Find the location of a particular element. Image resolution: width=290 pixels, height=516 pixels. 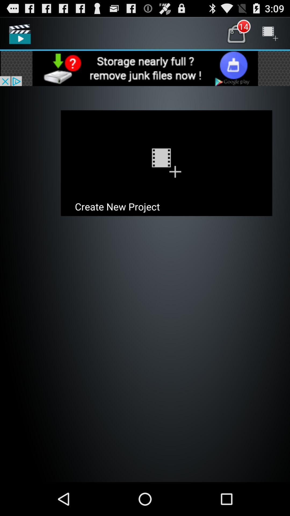

showing advertisements is located at coordinates (145, 68).